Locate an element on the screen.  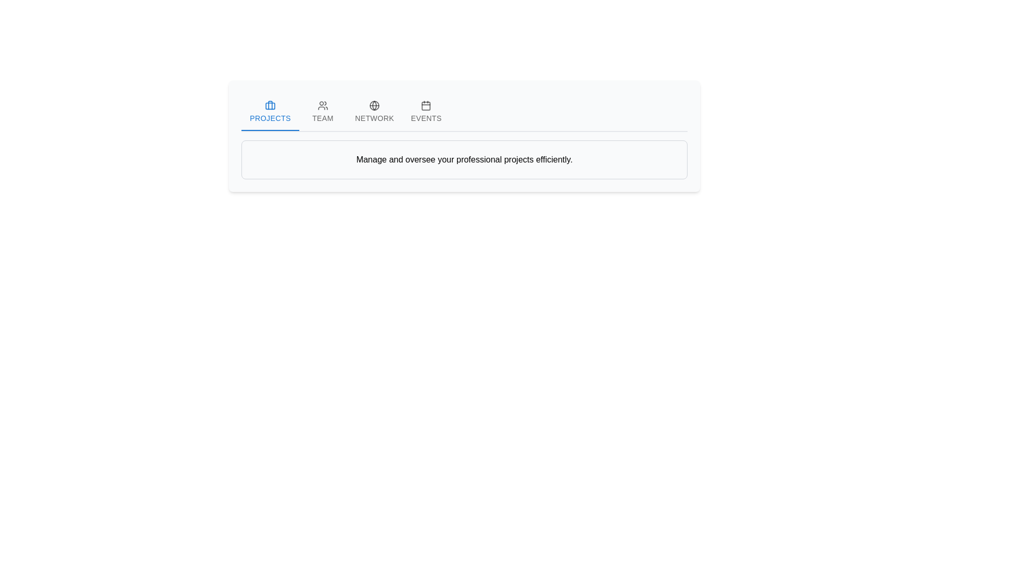
the circular SVG icon representing the globe in the 'NETWORK' tab is located at coordinates (375, 106).